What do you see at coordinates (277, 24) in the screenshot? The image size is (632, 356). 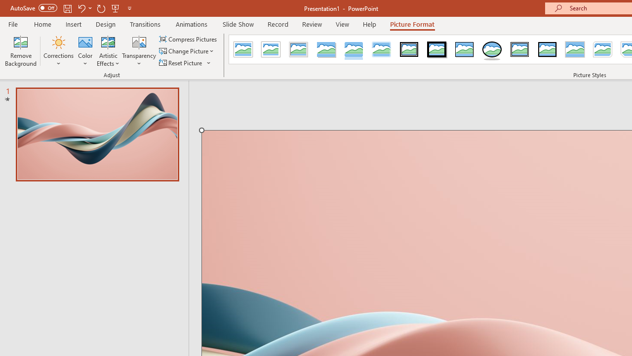 I see `'Record'` at bounding box center [277, 24].